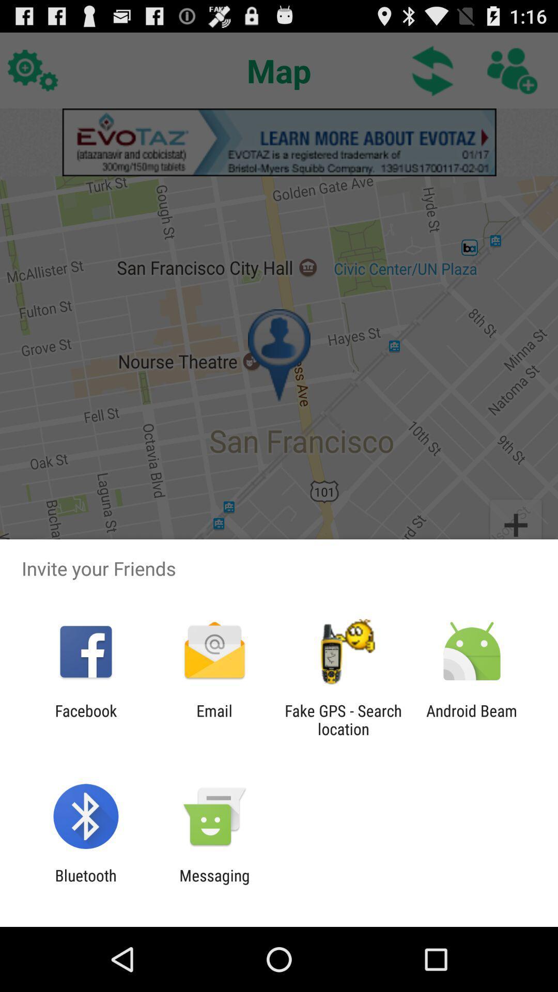 The height and width of the screenshot is (992, 558). What do you see at coordinates (472, 719) in the screenshot?
I see `the item to the right of fake gps search item` at bounding box center [472, 719].